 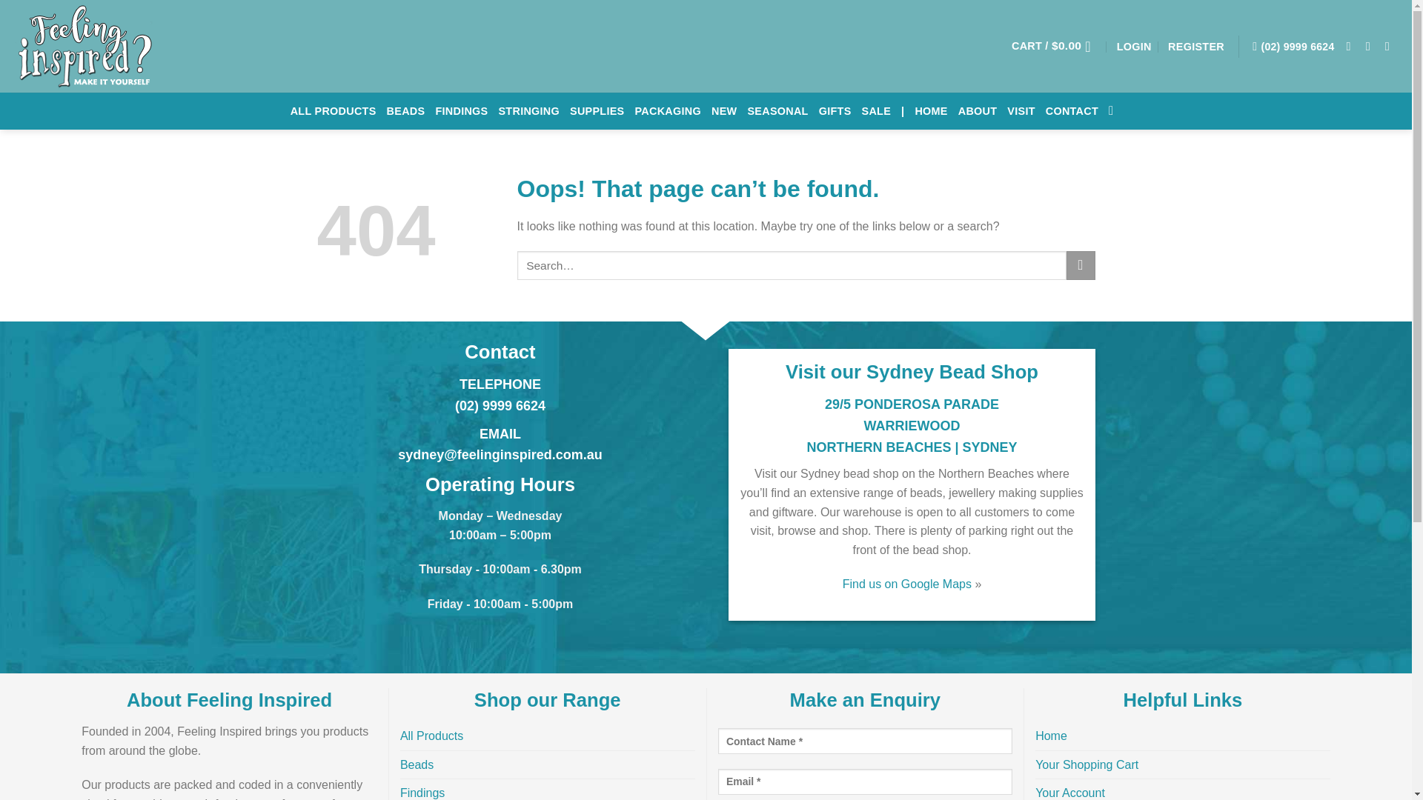 I want to click on '|', so click(x=900, y=110).